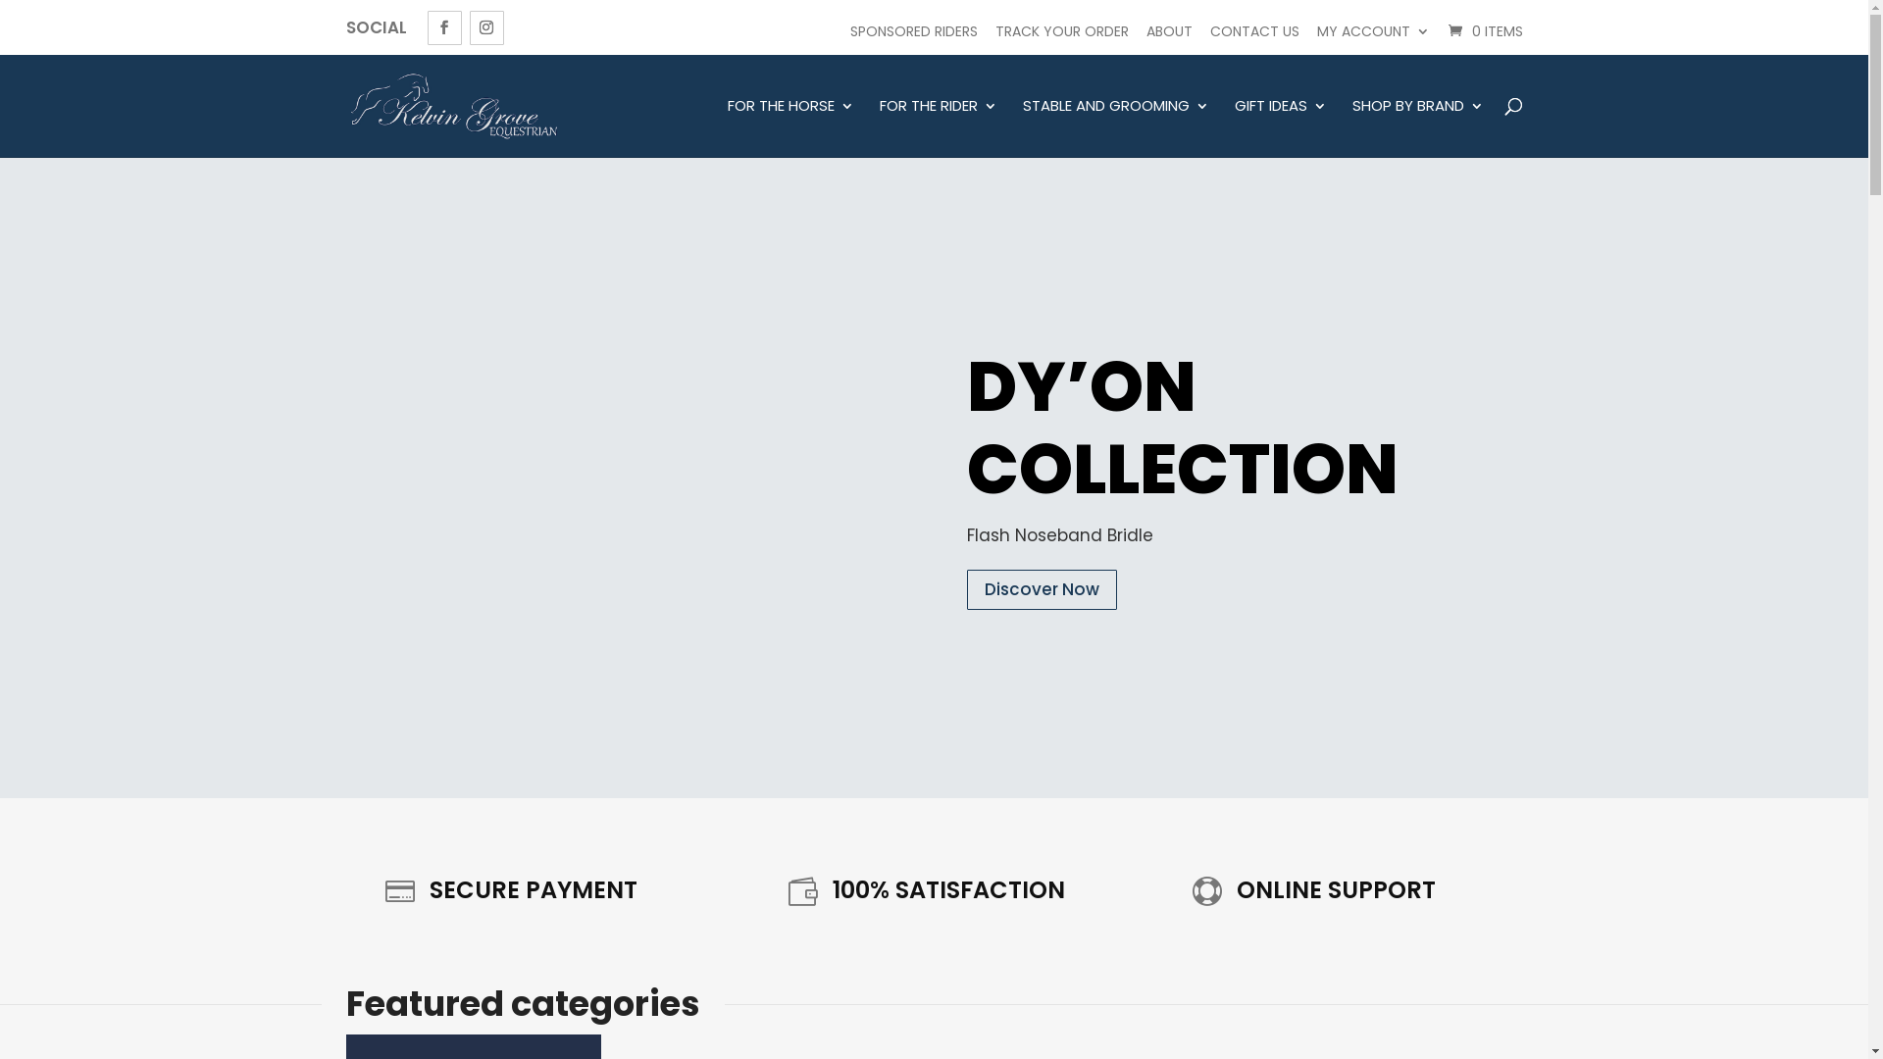  Describe the element at coordinates (790, 127) in the screenshot. I see `'FOR THE HORSE'` at that location.